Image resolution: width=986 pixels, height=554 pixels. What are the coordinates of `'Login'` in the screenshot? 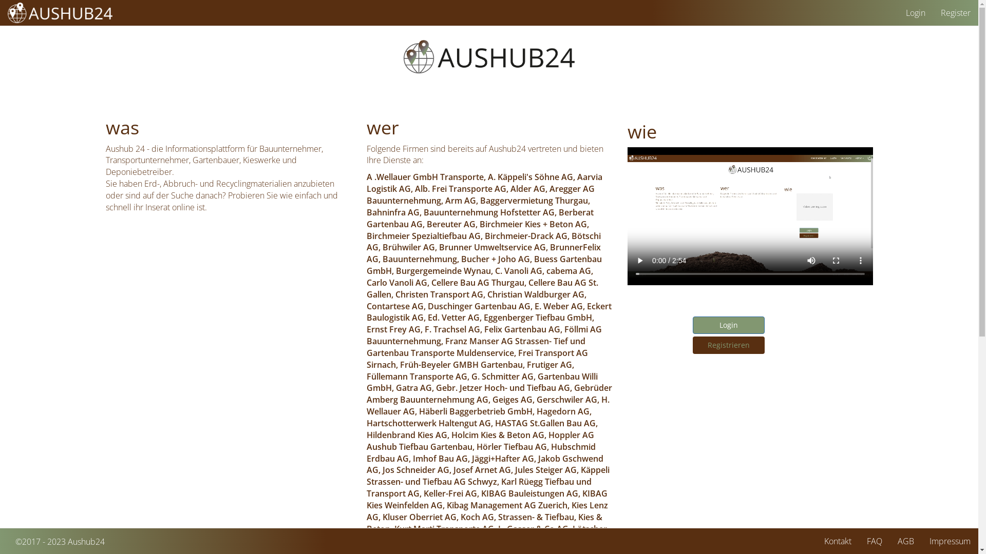 It's located at (727, 325).